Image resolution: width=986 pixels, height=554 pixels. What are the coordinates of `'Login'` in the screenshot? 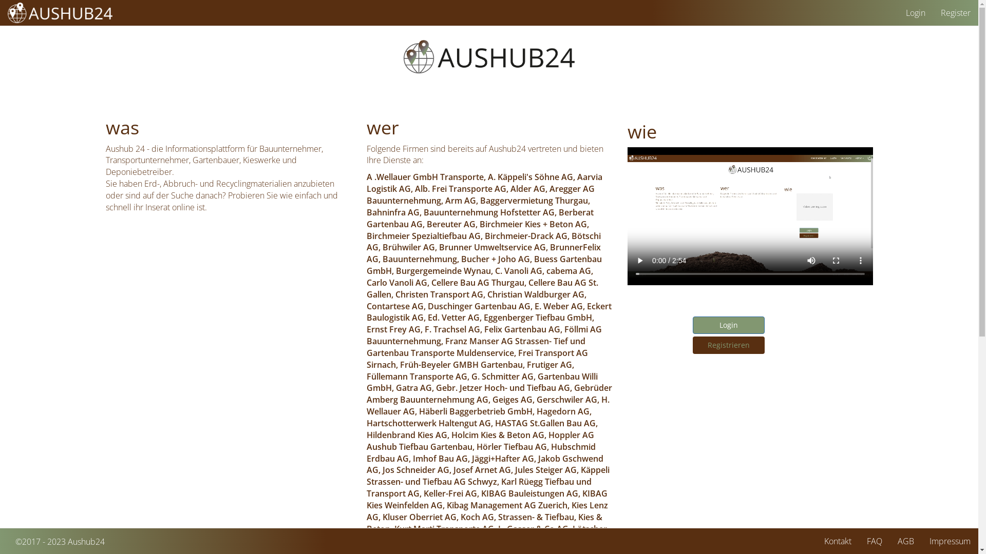 It's located at (727, 325).